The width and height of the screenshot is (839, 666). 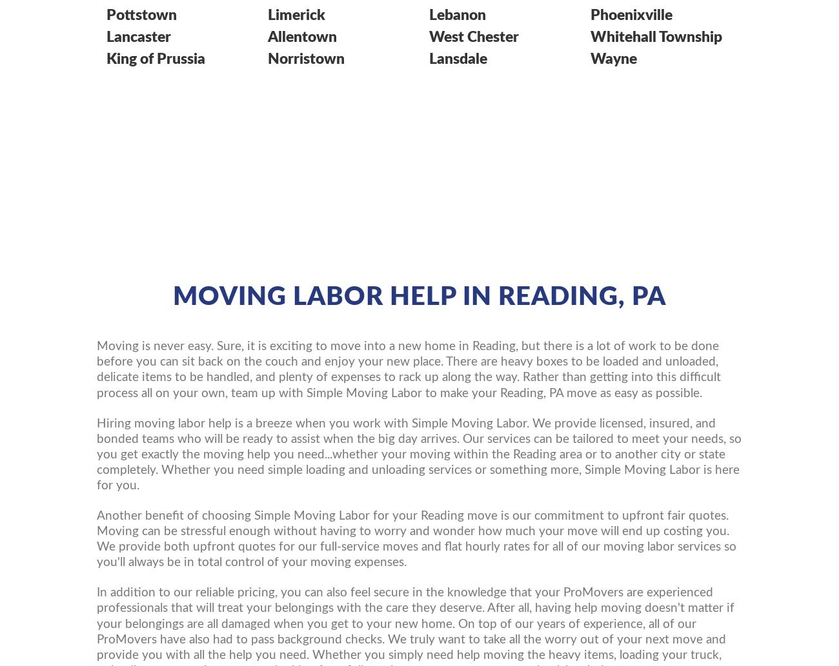 I want to click on 'Pottstown', so click(x=141, y=15).